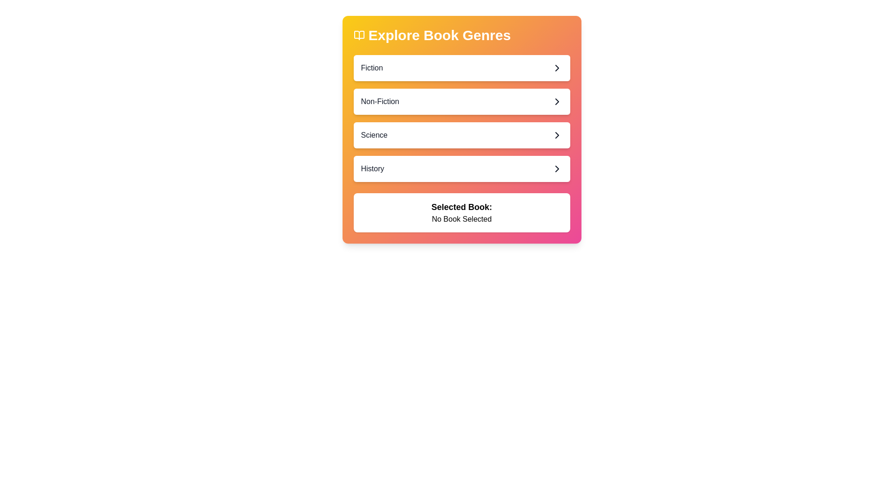 This screenshot has height=504, width=896. I want to click on the 'History' button, so click(462, 169).